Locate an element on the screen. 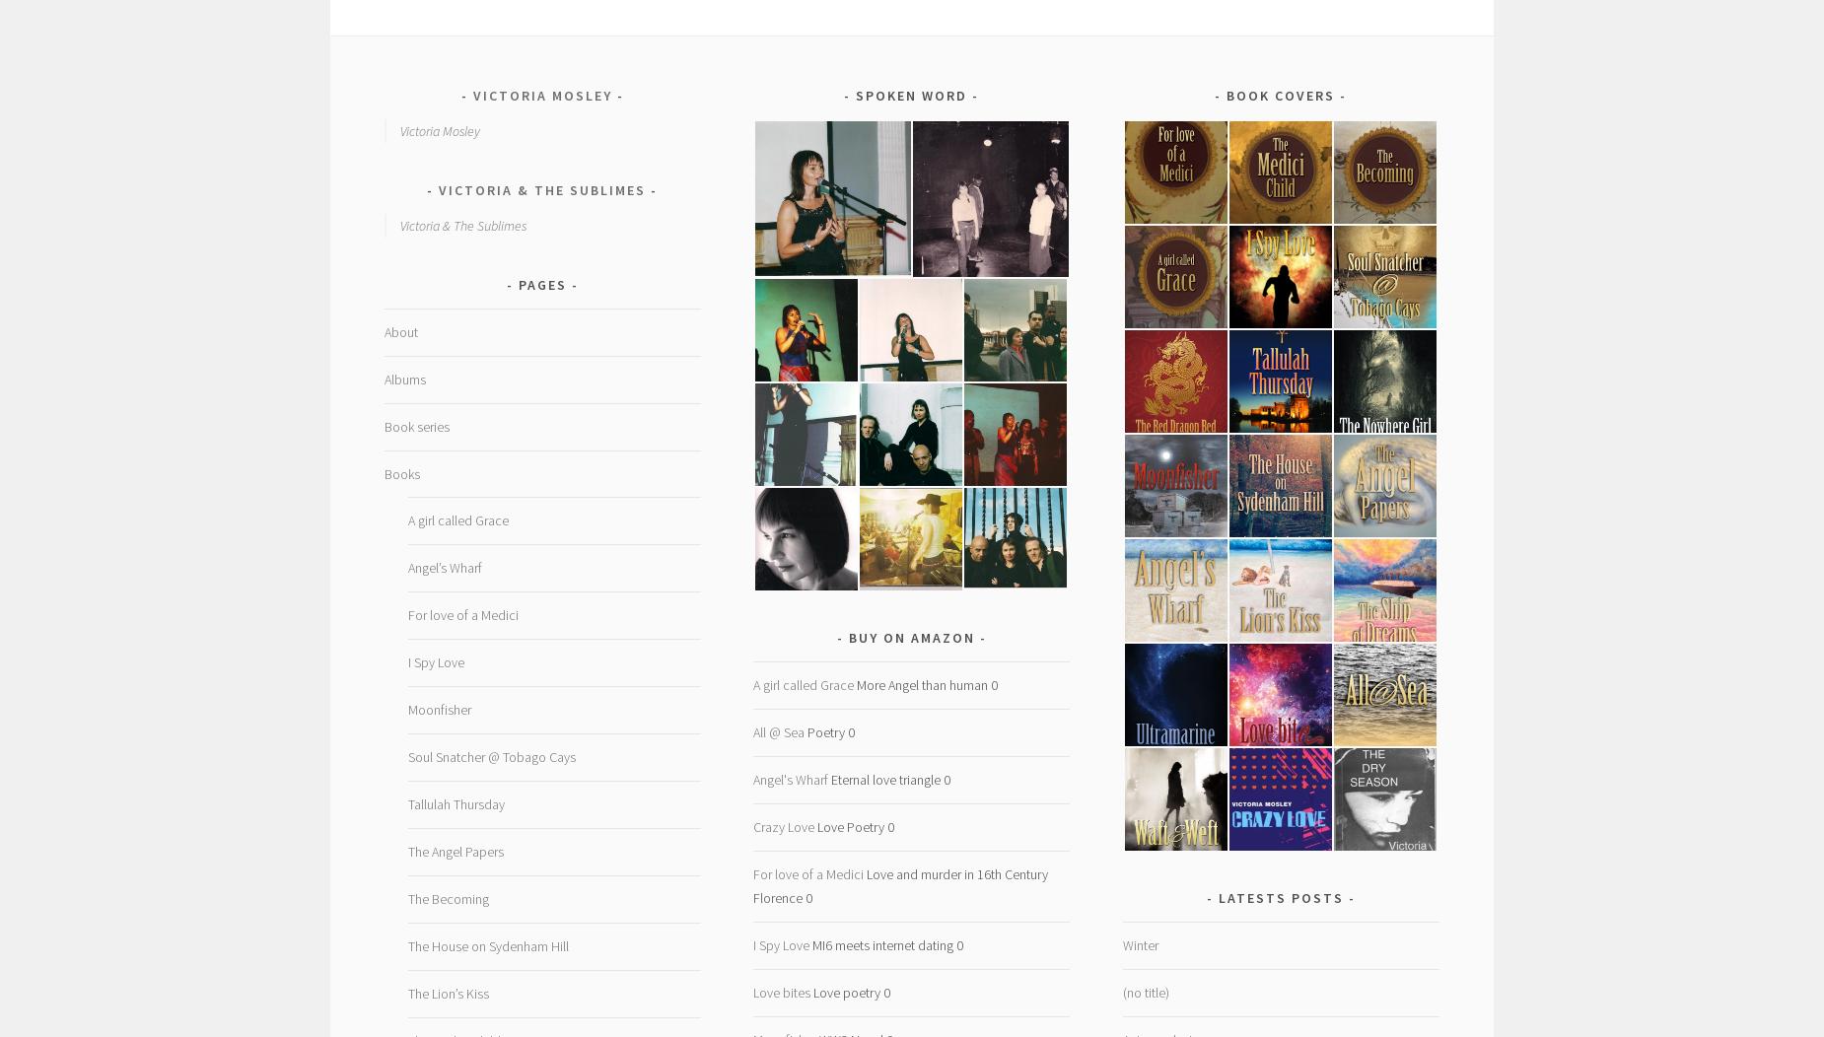 The width and height of the screenshot is (1824, 1037). 'Latests posts' is located at coordinates (1279, 898).